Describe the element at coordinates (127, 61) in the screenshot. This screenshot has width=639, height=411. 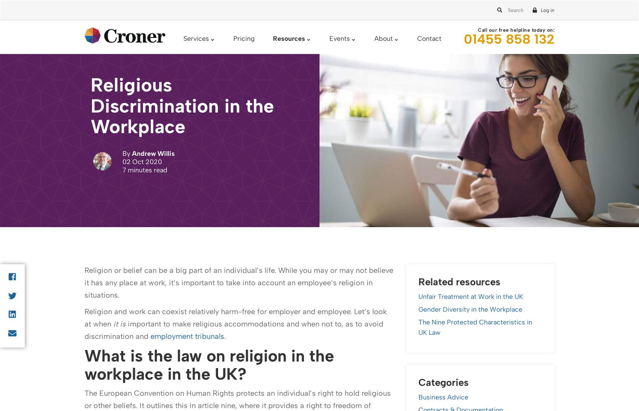
I see `'Positive action'` at that location.